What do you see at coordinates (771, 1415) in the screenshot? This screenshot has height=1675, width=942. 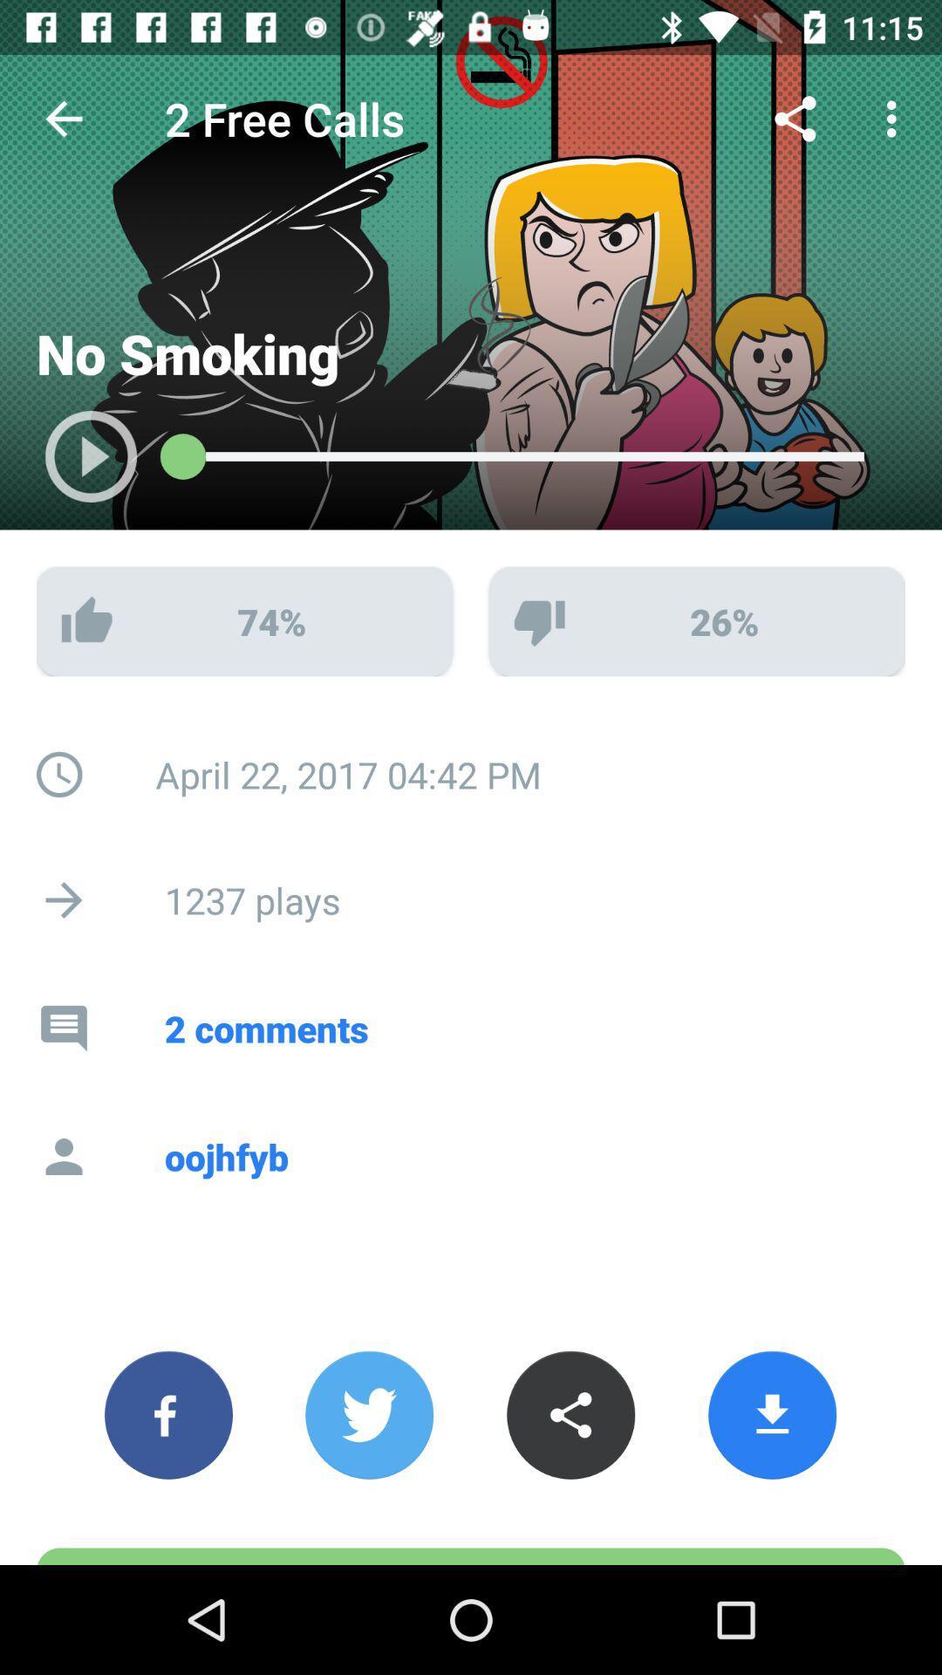 I see `the button which is next to the share button` at bounding box center [771, 1415].